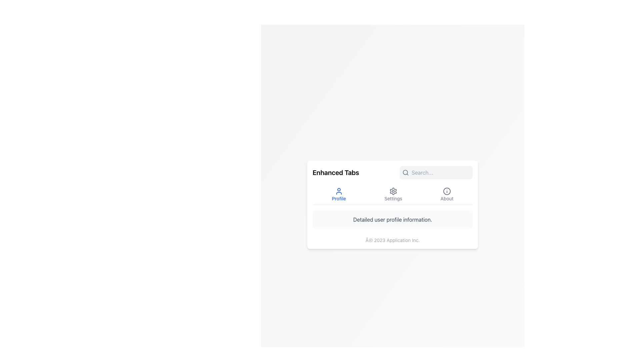 Image resolution: width=640 pixels, height=360 pixels. Describe the element at coordinates (339, 194) in the screenshot. I see `the 'Profile' button, which features an icon of a person above the text in blue font, located as the first item in a group of three buttons beneath the title 'Enhanced Tabs'` at that location.